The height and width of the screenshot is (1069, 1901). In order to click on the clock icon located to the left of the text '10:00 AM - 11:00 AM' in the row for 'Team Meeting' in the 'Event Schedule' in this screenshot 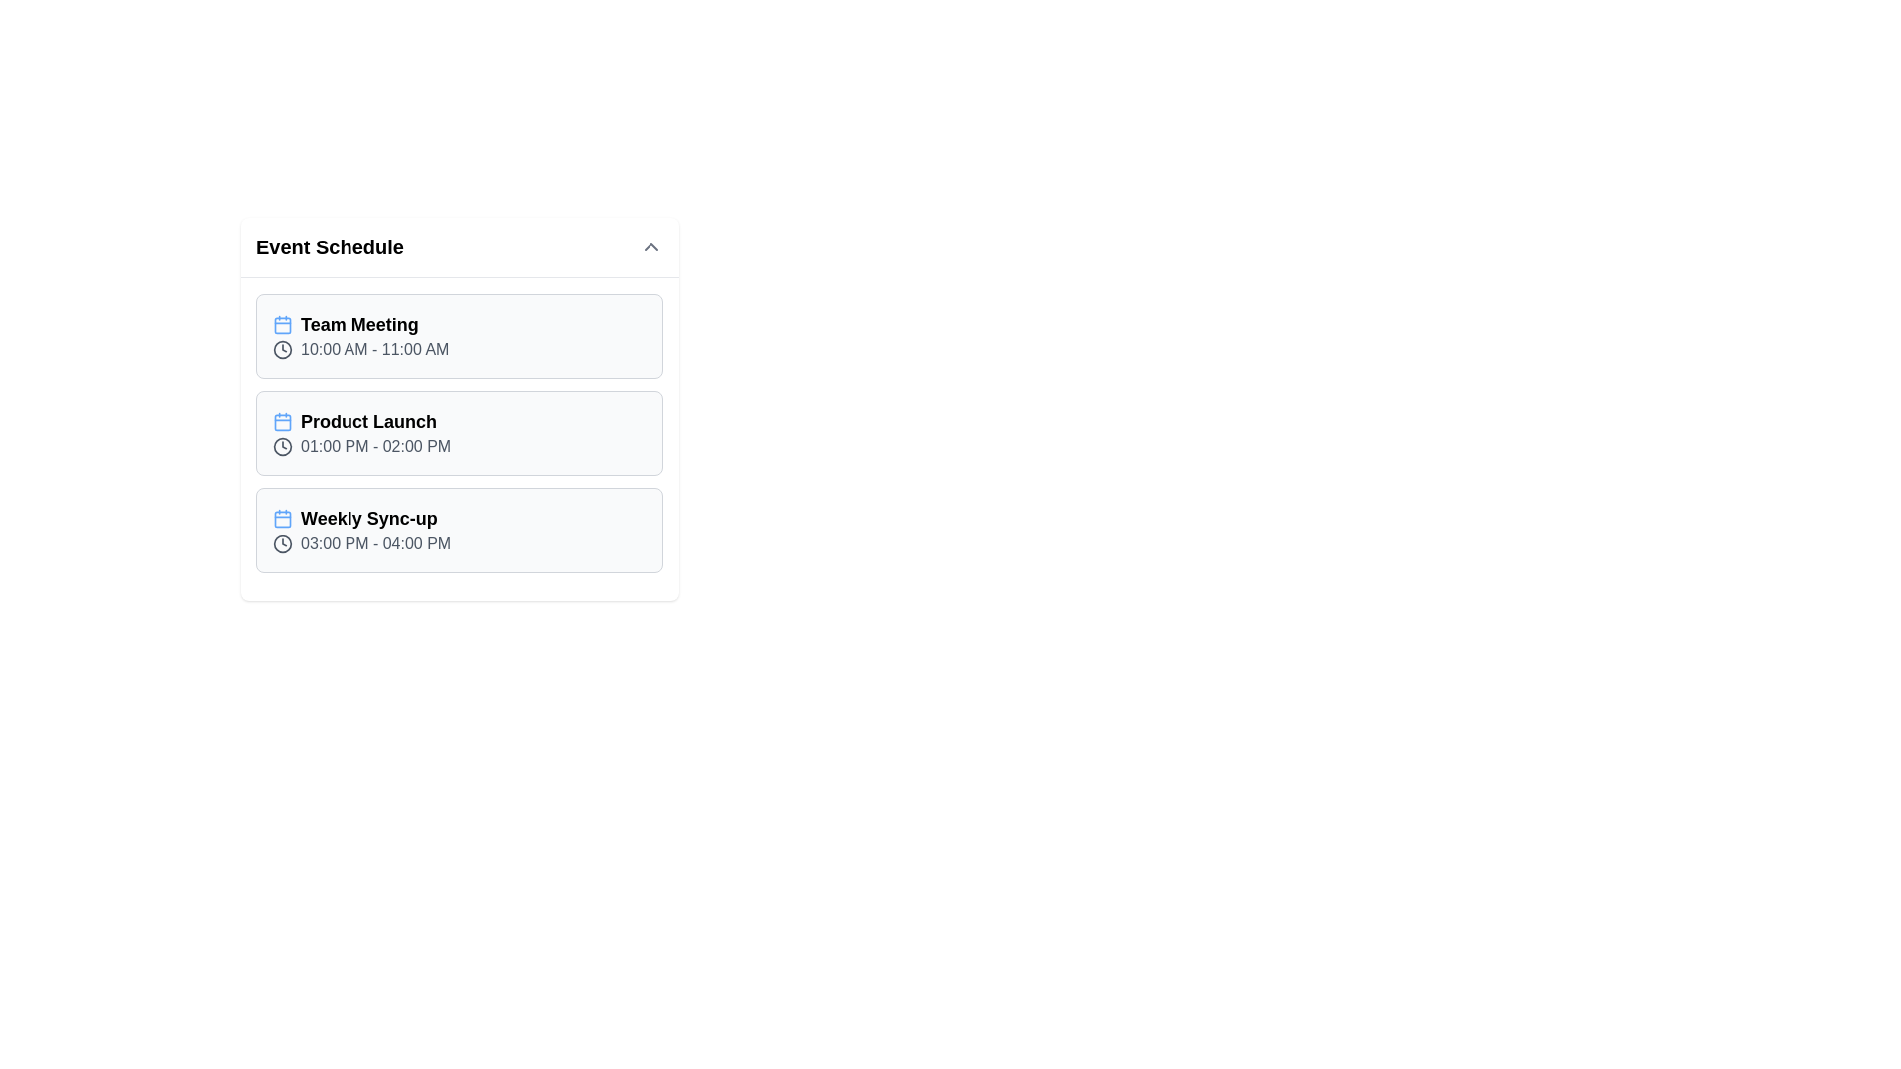, I will do `click(282, 349)`.